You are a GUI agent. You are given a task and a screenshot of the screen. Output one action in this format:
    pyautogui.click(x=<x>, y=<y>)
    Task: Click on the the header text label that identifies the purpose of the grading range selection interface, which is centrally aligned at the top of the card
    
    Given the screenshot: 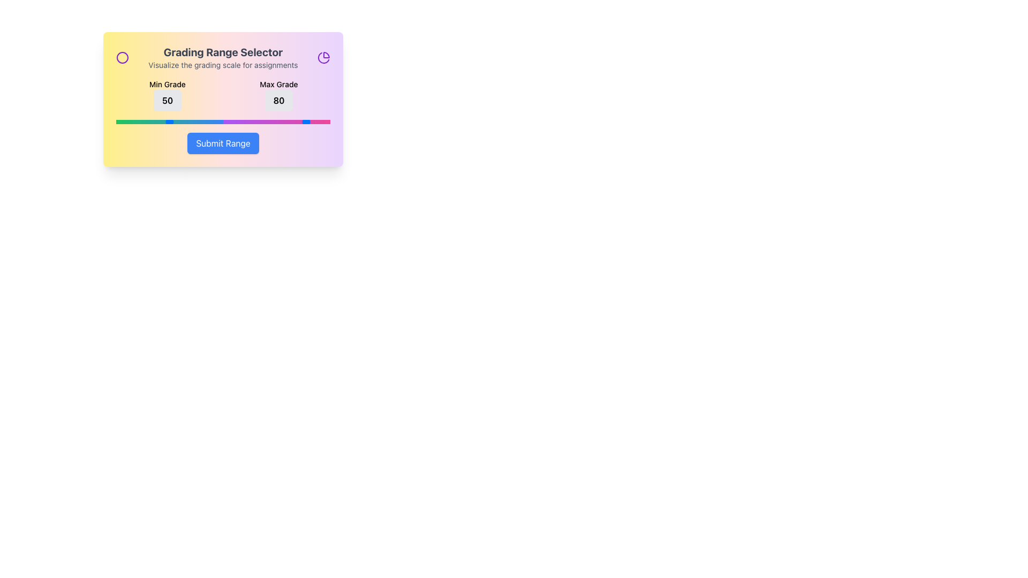 What is the action you would take?
    pyautogui.click(x=223, y=52)
    